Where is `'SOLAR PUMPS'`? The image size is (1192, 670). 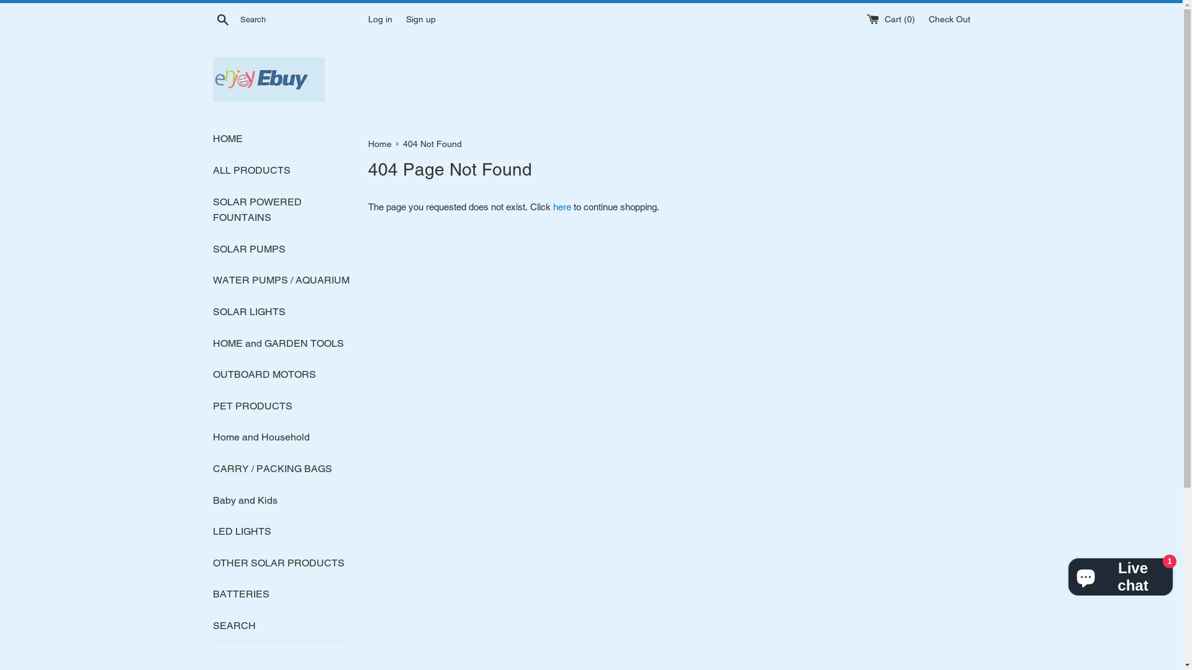 'SOLAR PUMPS' is located at coordinates (279, 249).